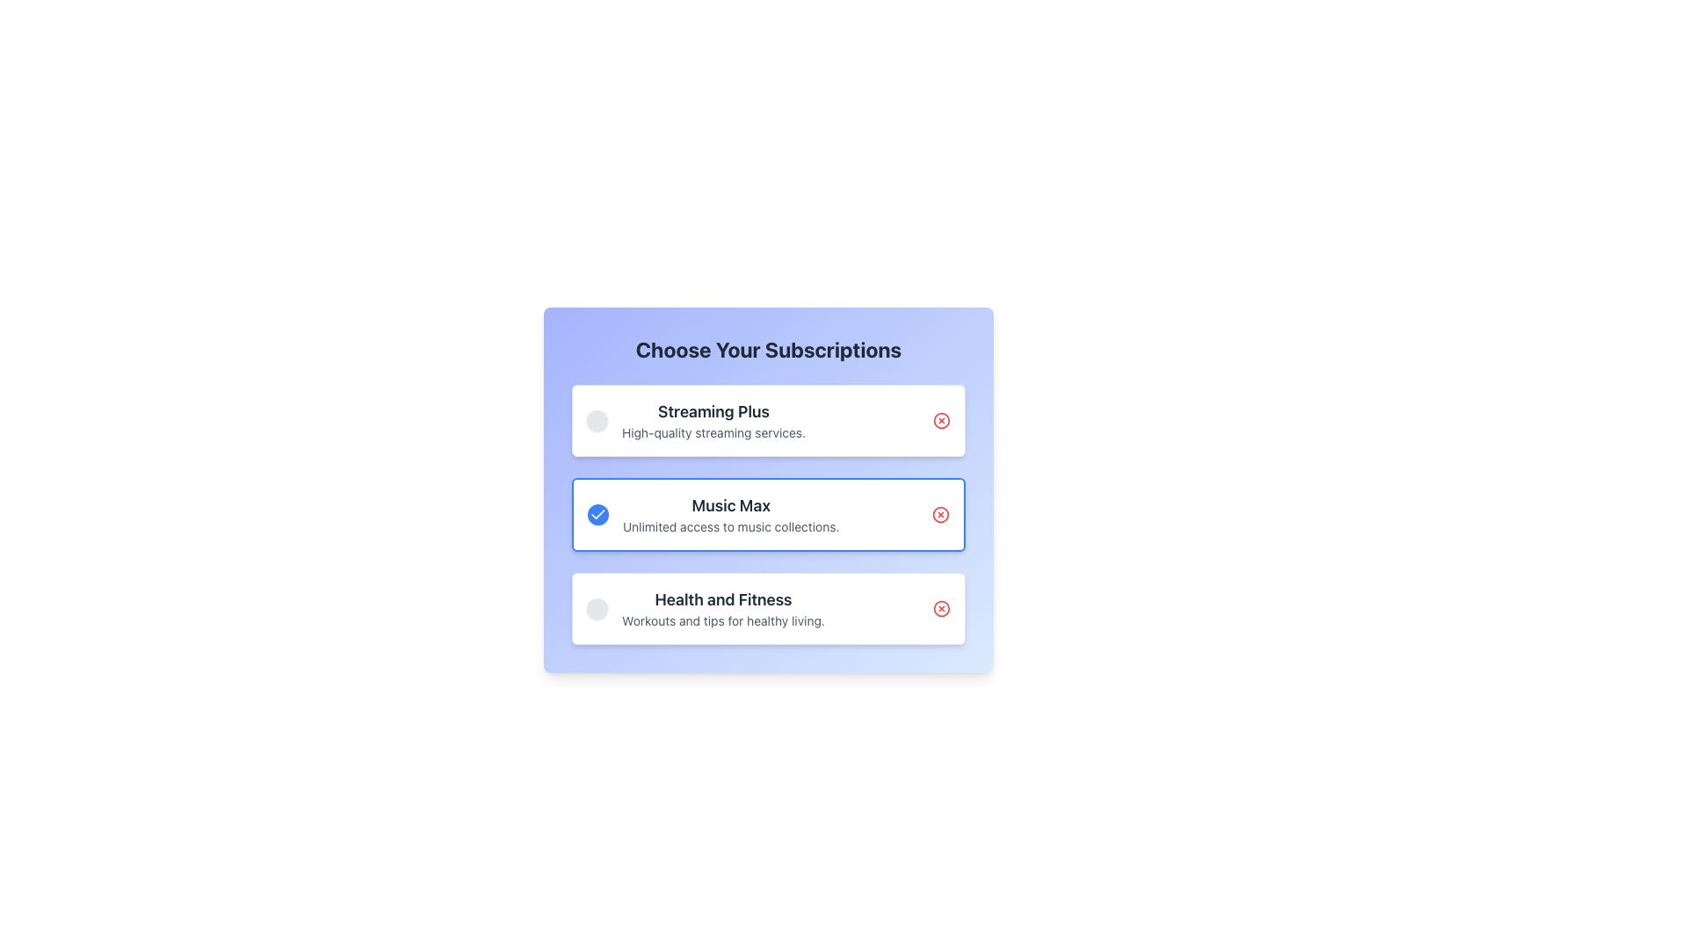 This screenshot has height=949, width=1687. What do you see at coordinates (940, 420) in the screenshot?
I see `the button located at the rightmost end of the card for the 'Streaming Plus' subscription` at bounding box center [940, 420].